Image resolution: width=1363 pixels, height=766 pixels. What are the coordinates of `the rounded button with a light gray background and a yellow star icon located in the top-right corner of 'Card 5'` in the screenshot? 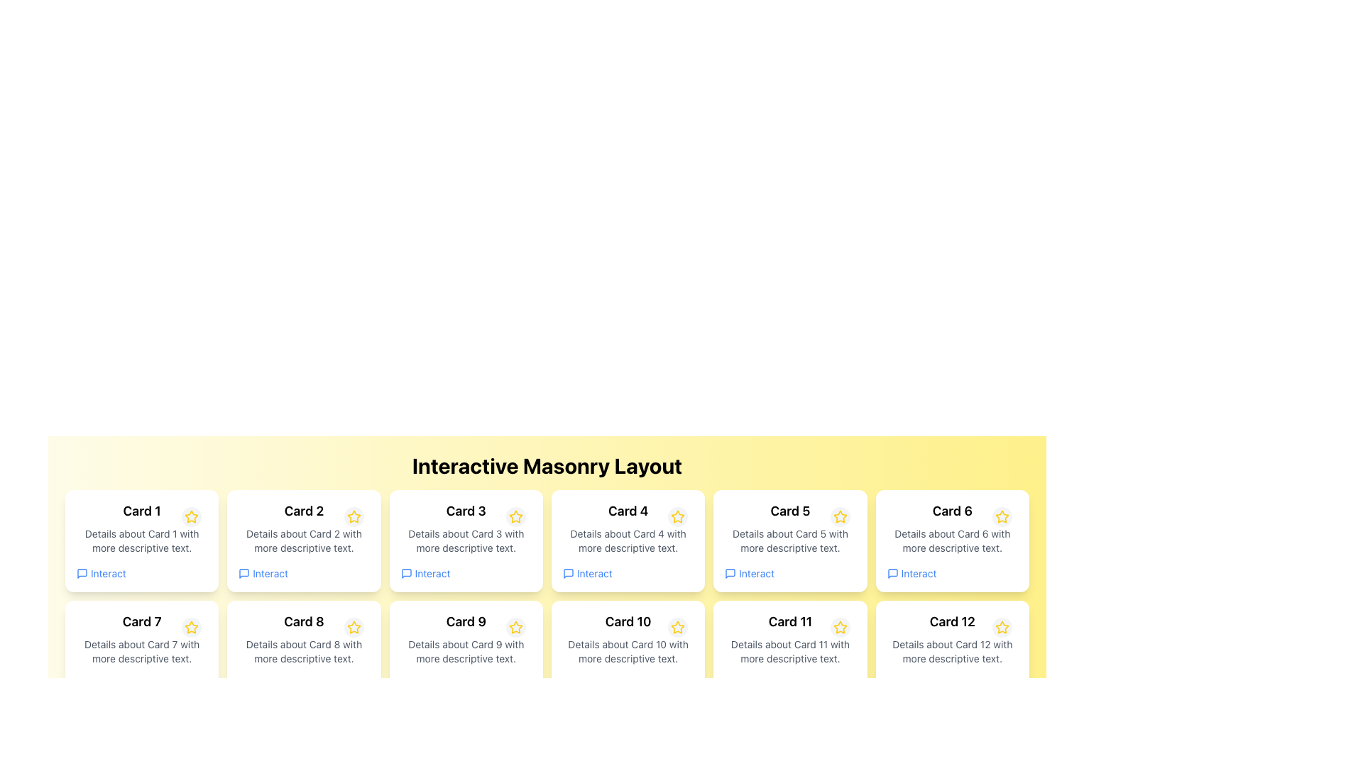 It's located at (840, 517).